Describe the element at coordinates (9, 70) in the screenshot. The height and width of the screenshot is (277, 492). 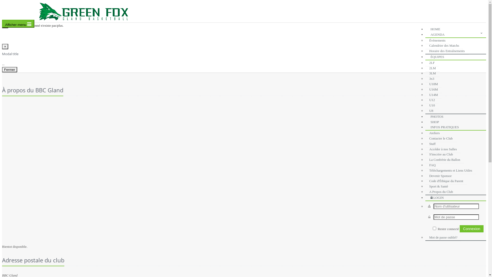
I see `'Fermer'` at that location.